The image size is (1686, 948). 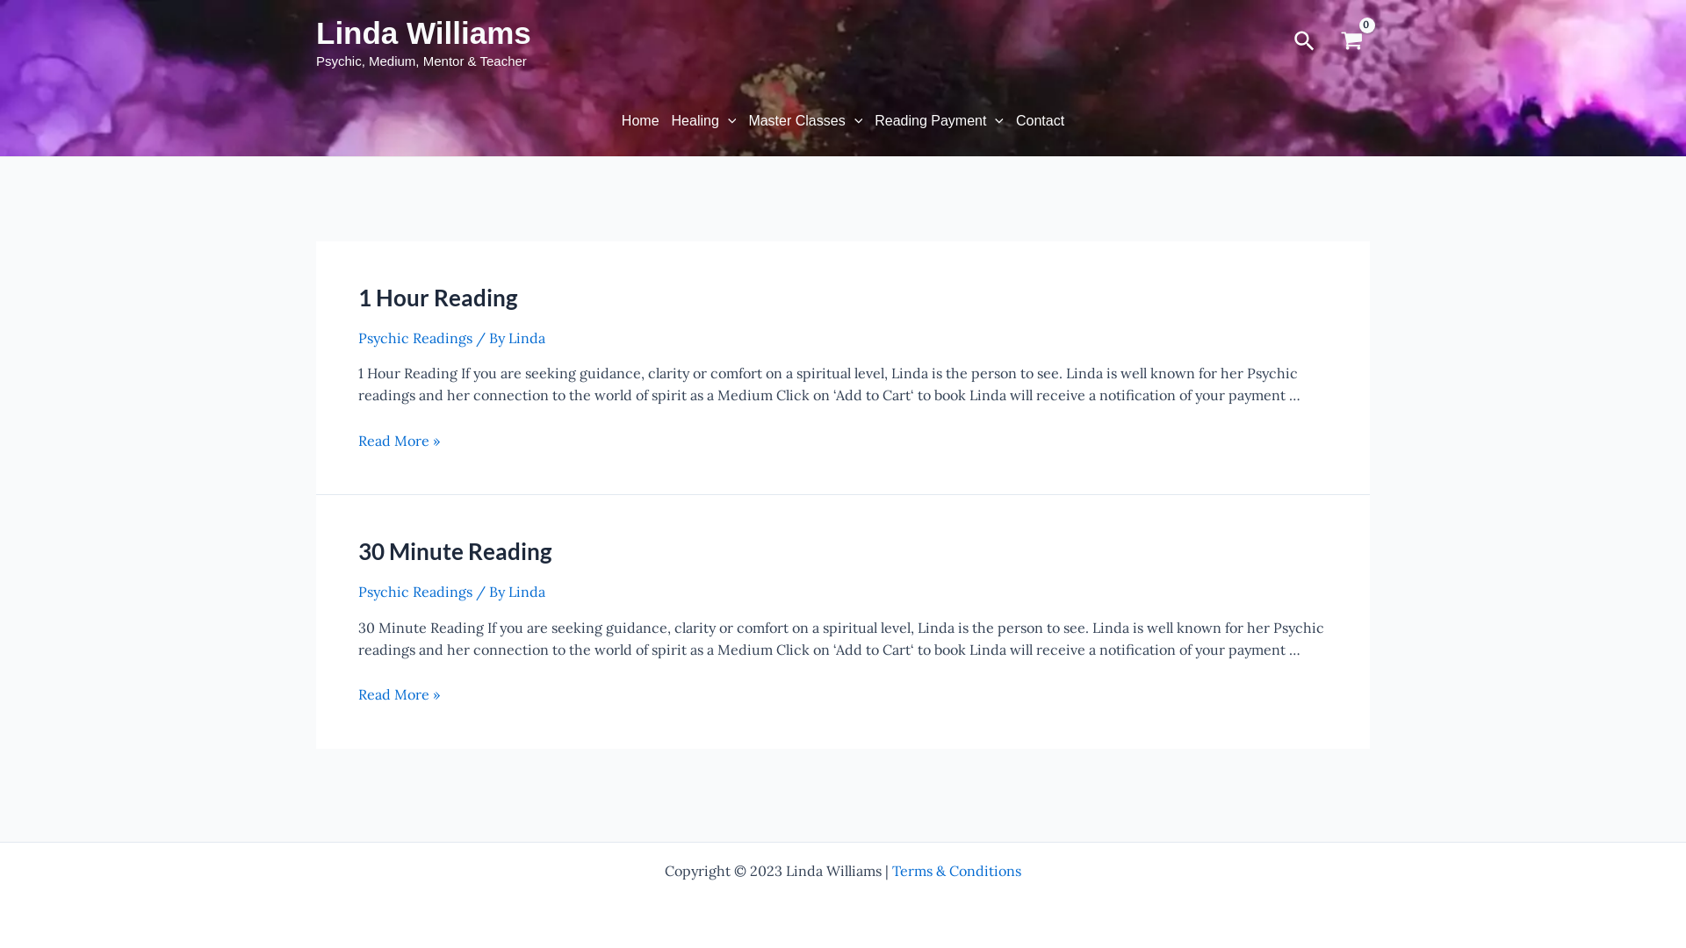 I want to click on 'Terms & Conditions', so click(x=955, y=870).